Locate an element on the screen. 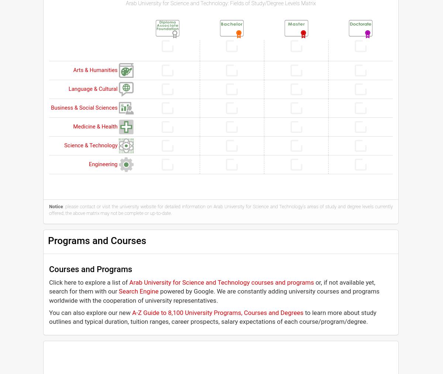 This screenshot has height=374, width=443. 'Arts & Humanities' is located at coordinates (96, 70).